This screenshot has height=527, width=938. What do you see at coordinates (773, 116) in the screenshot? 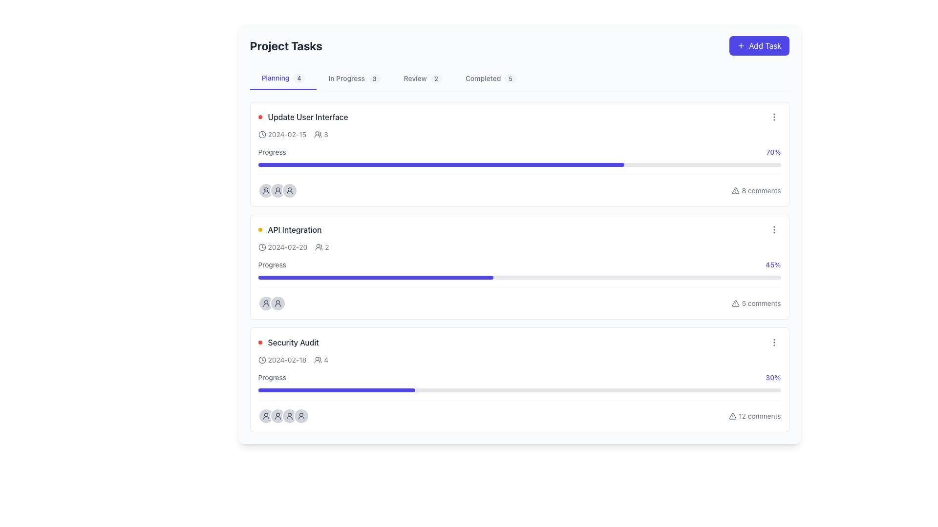
I see `the vertical ellipsis icon button located in the top-right corner of the 'Update User Interface' task card` at bounding box center [773, 116].